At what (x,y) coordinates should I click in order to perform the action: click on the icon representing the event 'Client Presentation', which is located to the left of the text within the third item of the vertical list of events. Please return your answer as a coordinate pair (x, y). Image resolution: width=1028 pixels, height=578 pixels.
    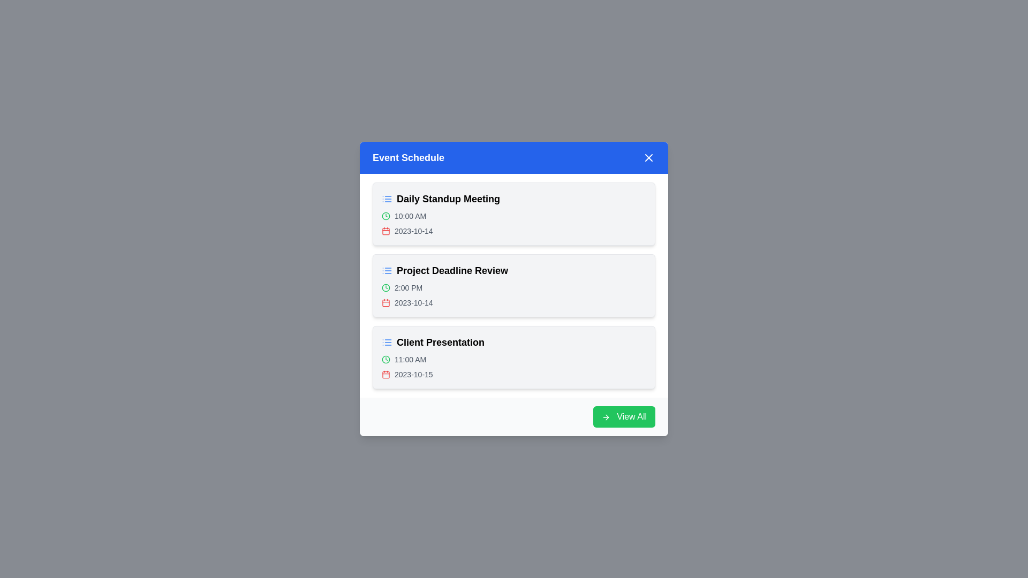
    Looking at the image, I should click on (387, 343).